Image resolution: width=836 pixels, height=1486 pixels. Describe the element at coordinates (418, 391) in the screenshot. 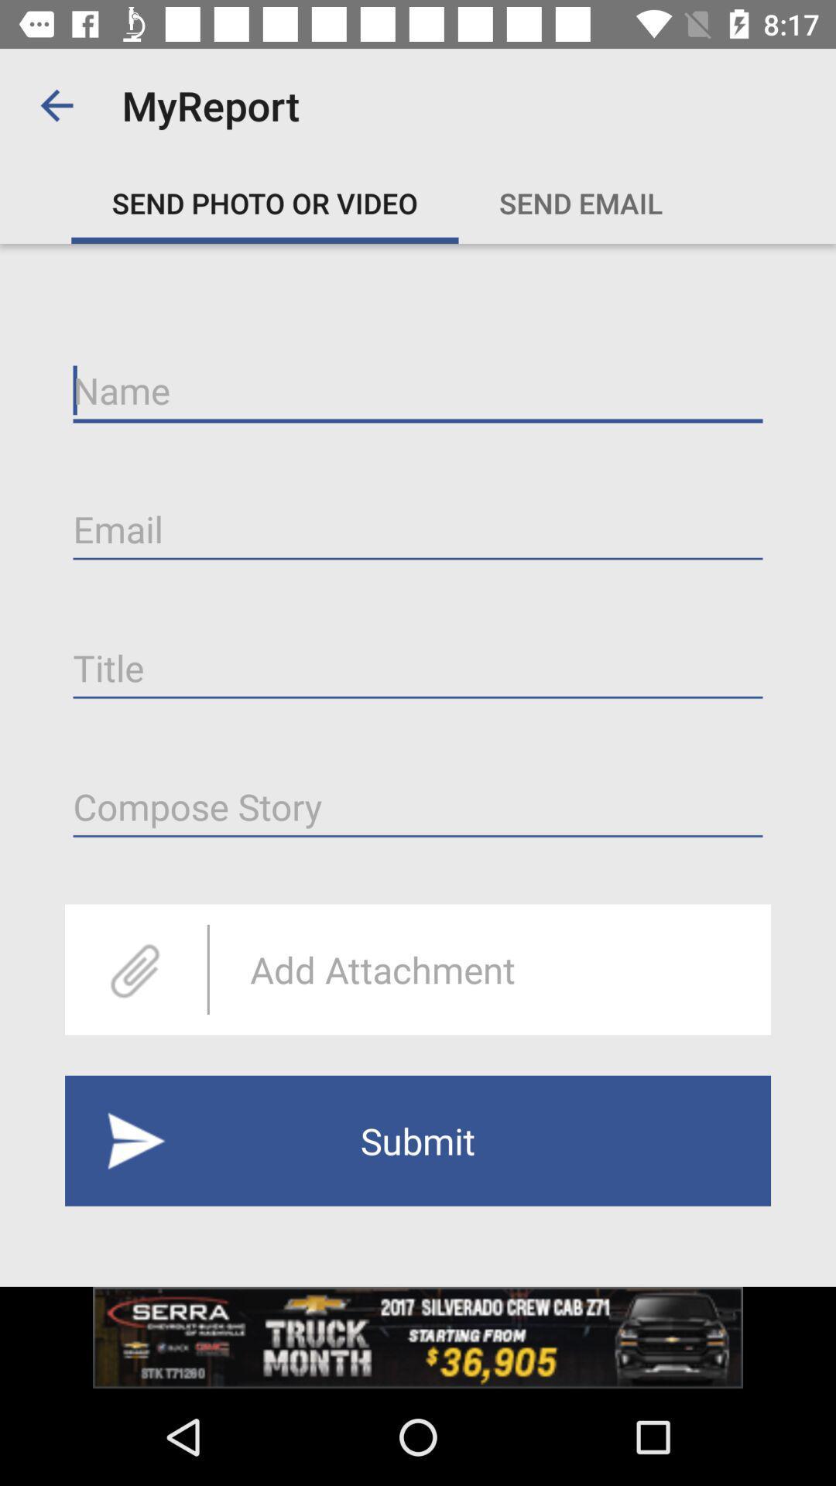

I see `enables text input` at that location.